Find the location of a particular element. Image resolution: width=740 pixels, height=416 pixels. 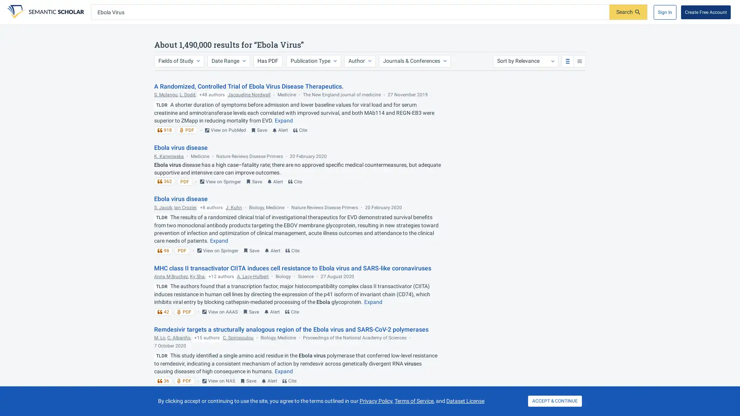

Save to Library is located at coordinates (254, 181).